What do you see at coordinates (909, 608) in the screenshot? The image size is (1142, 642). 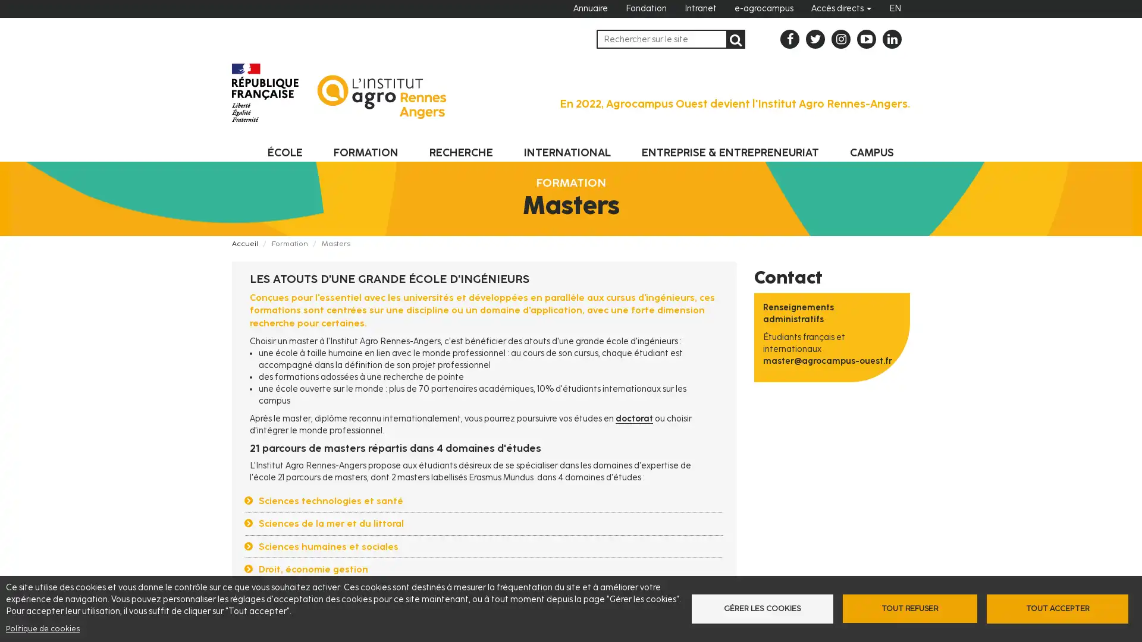 I see `TOUT REFUSER` at bounding box center [909, 608].